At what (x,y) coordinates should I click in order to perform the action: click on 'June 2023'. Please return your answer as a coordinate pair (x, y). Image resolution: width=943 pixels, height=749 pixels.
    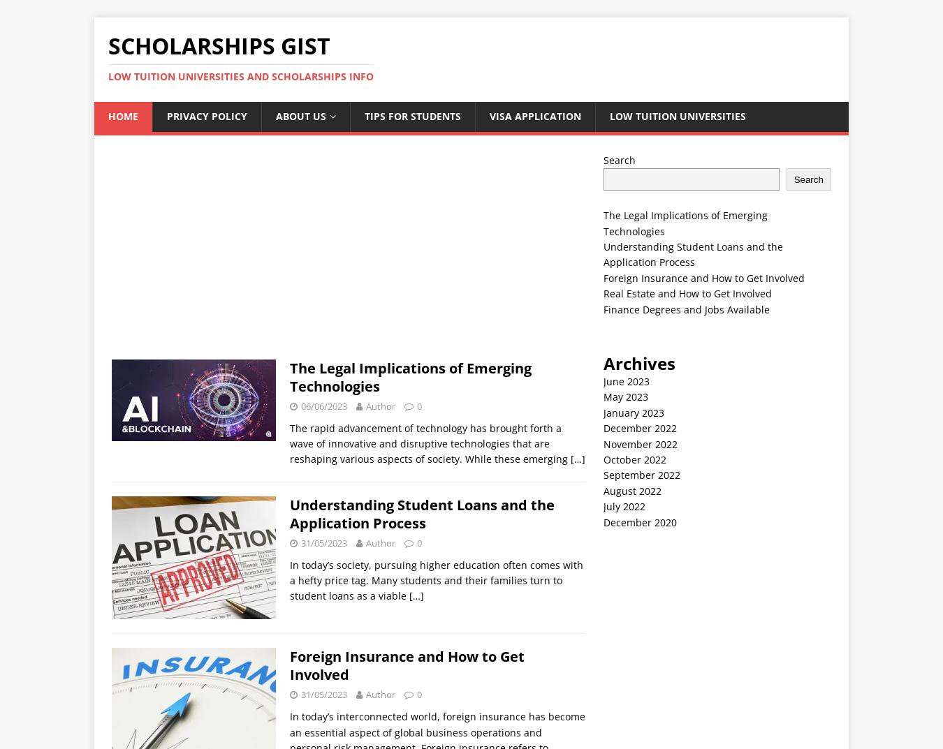
    Looking at the image, I should click on (625, 381).